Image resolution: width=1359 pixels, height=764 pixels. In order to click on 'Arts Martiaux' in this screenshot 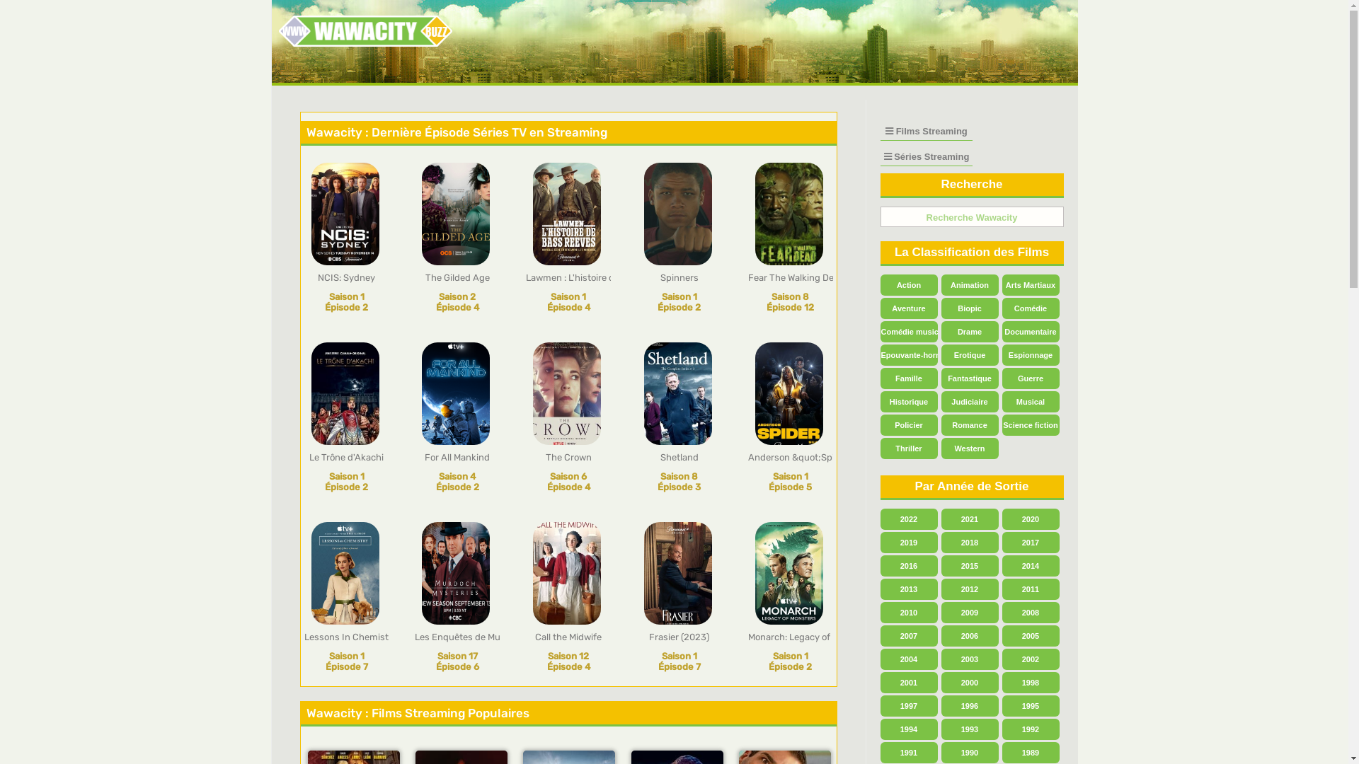, I will do `click(1031, 284)`.